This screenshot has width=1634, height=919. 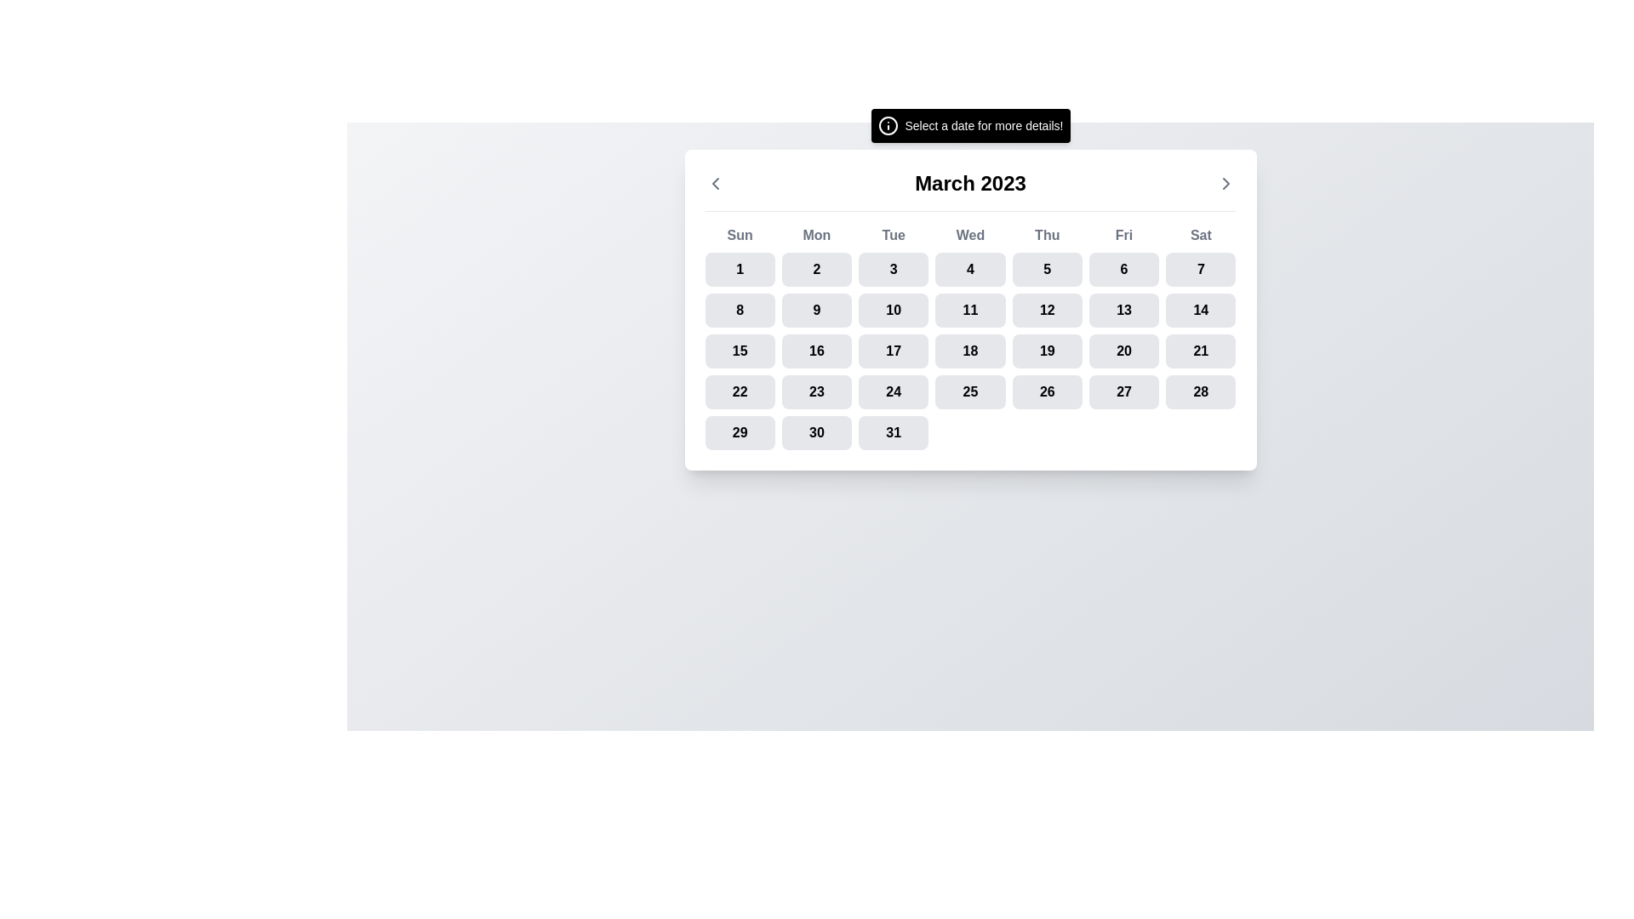 I want to click on the button-like calendar date cell representing the 26th day of the month, so click(x=1046, y=392).